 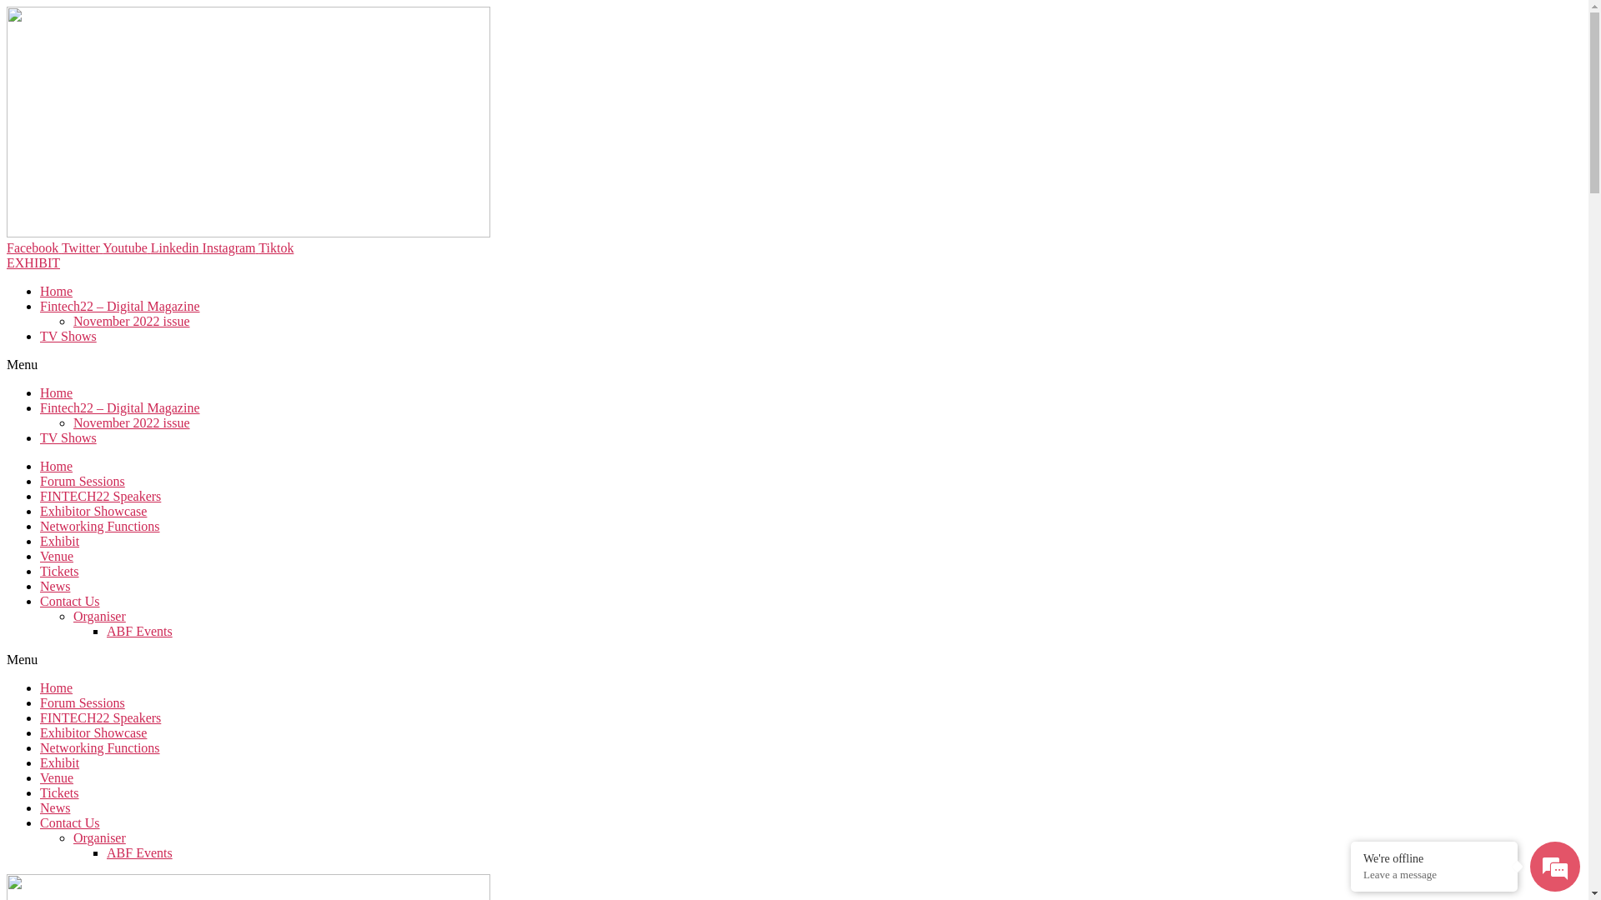 What do you see at coordinates (40, 717) in the screenshot?
I see `'FINTECH22 Speakers'` at bounding box center [40, 717].